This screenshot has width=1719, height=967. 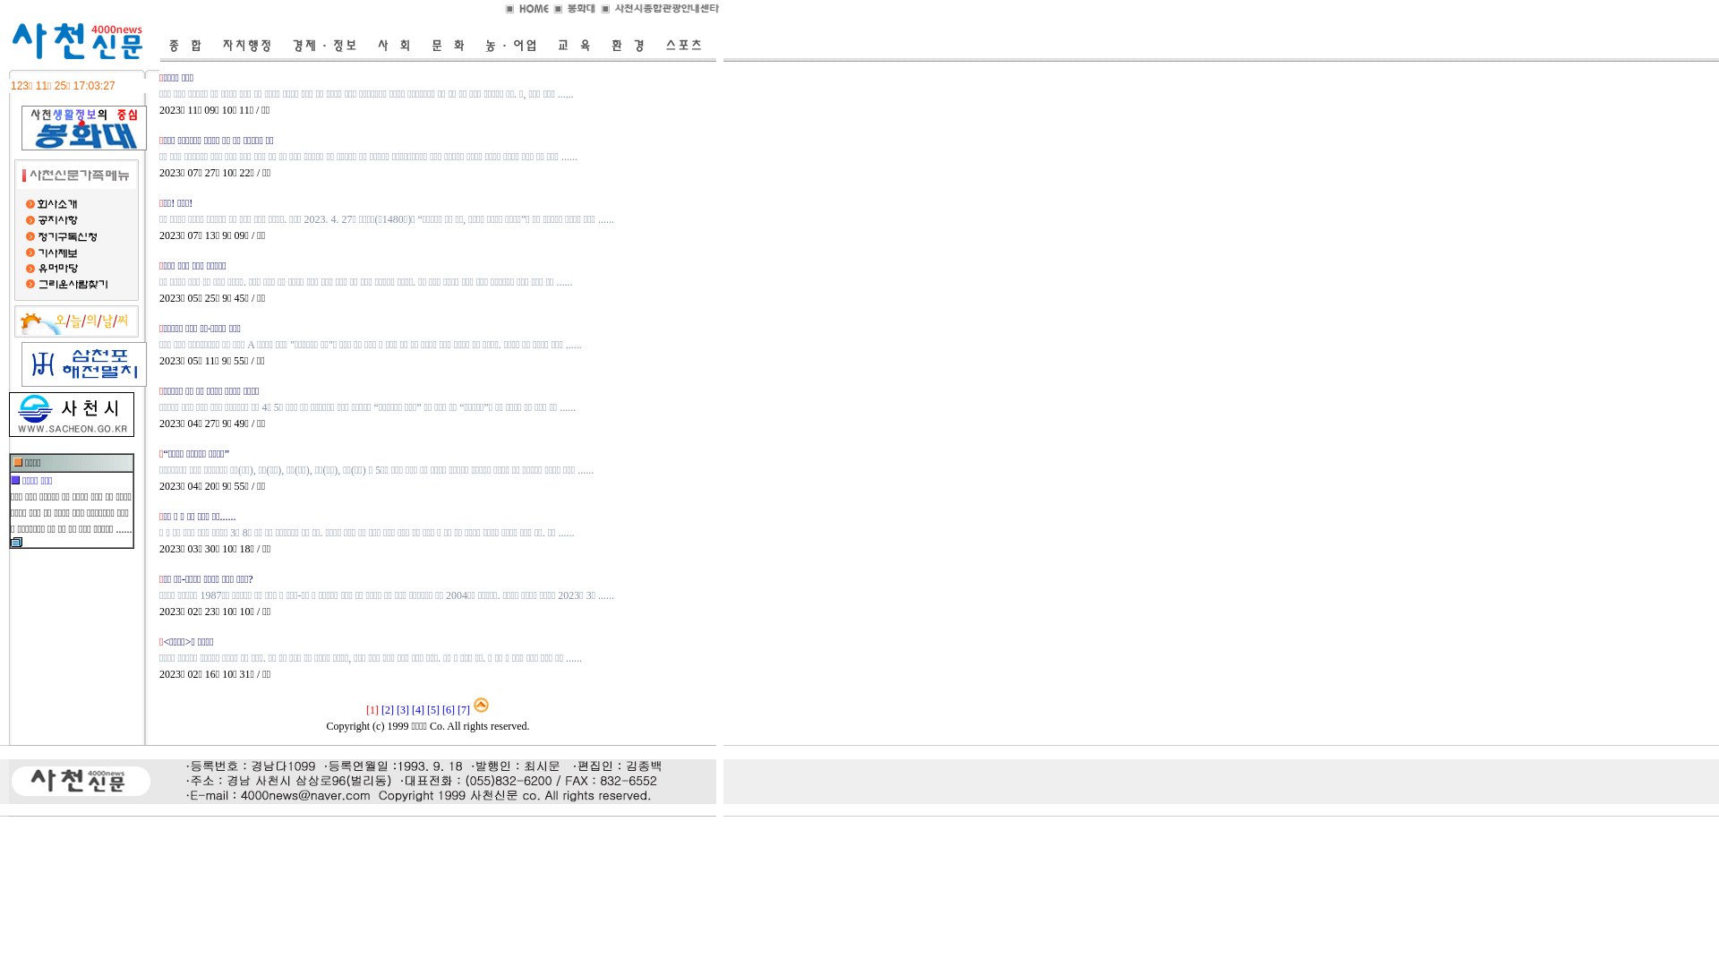 What do you see at coordinates (386, 709) in the screenshot?
I see `'[2]'` at bounding box center [386, 709].